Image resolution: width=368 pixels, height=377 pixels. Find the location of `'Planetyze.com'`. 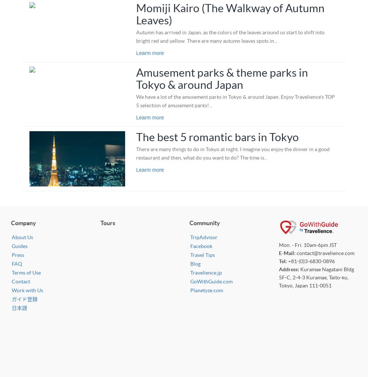

'Planetyze.com' is located at coordinates (206, 289).